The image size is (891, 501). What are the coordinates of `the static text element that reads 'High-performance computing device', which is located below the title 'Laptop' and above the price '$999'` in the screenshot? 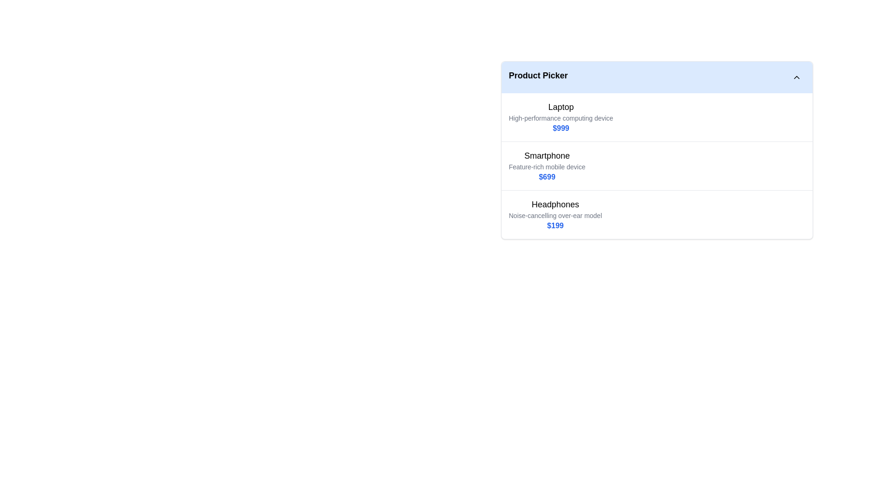 It's located at (561, 117).